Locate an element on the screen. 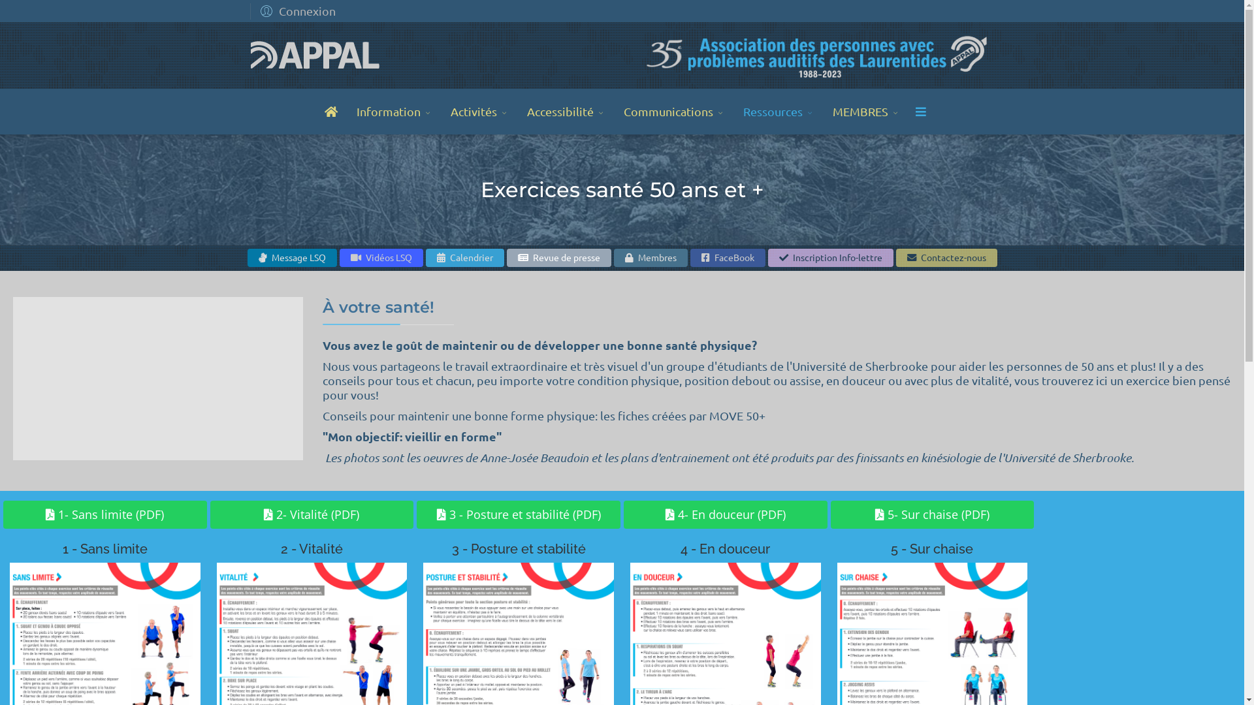  'Communications' is located at coordinates (675, 110).